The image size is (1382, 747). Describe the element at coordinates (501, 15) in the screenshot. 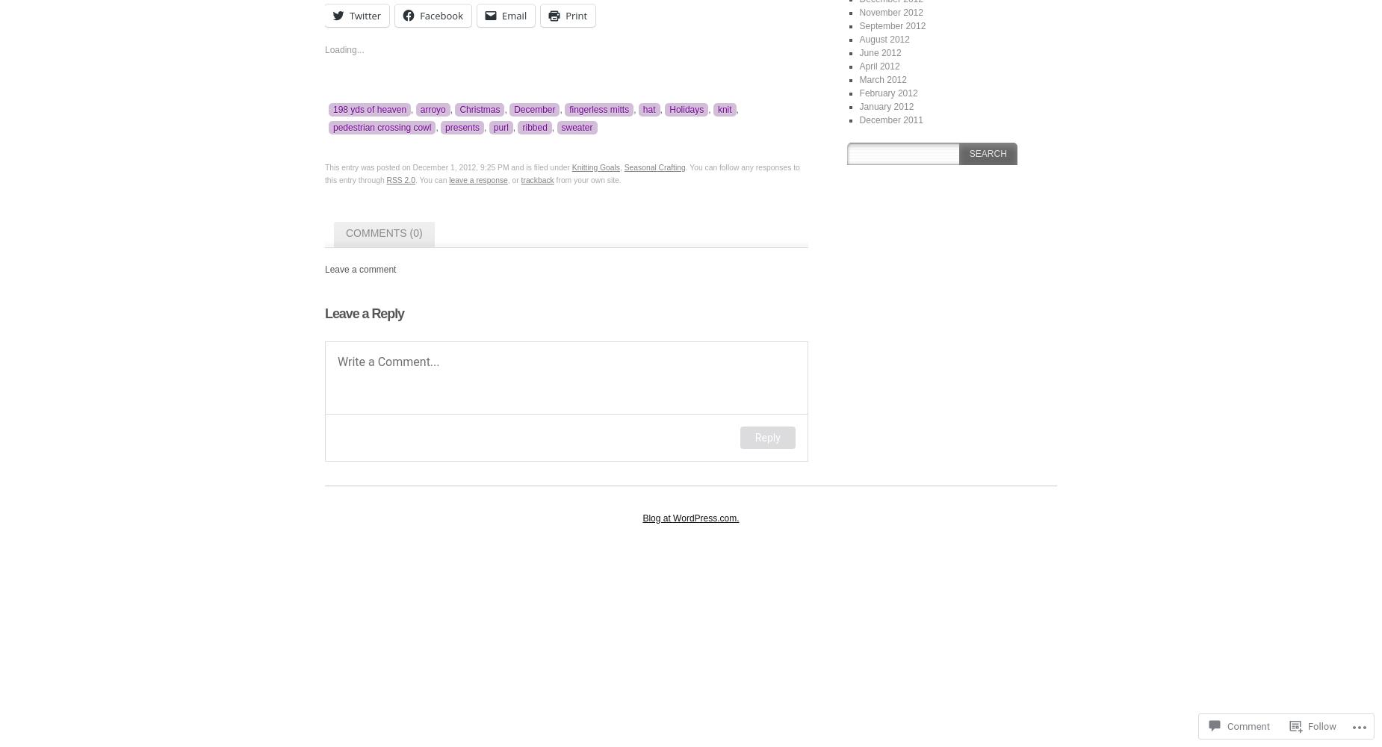

I see `'Email'` at that location.